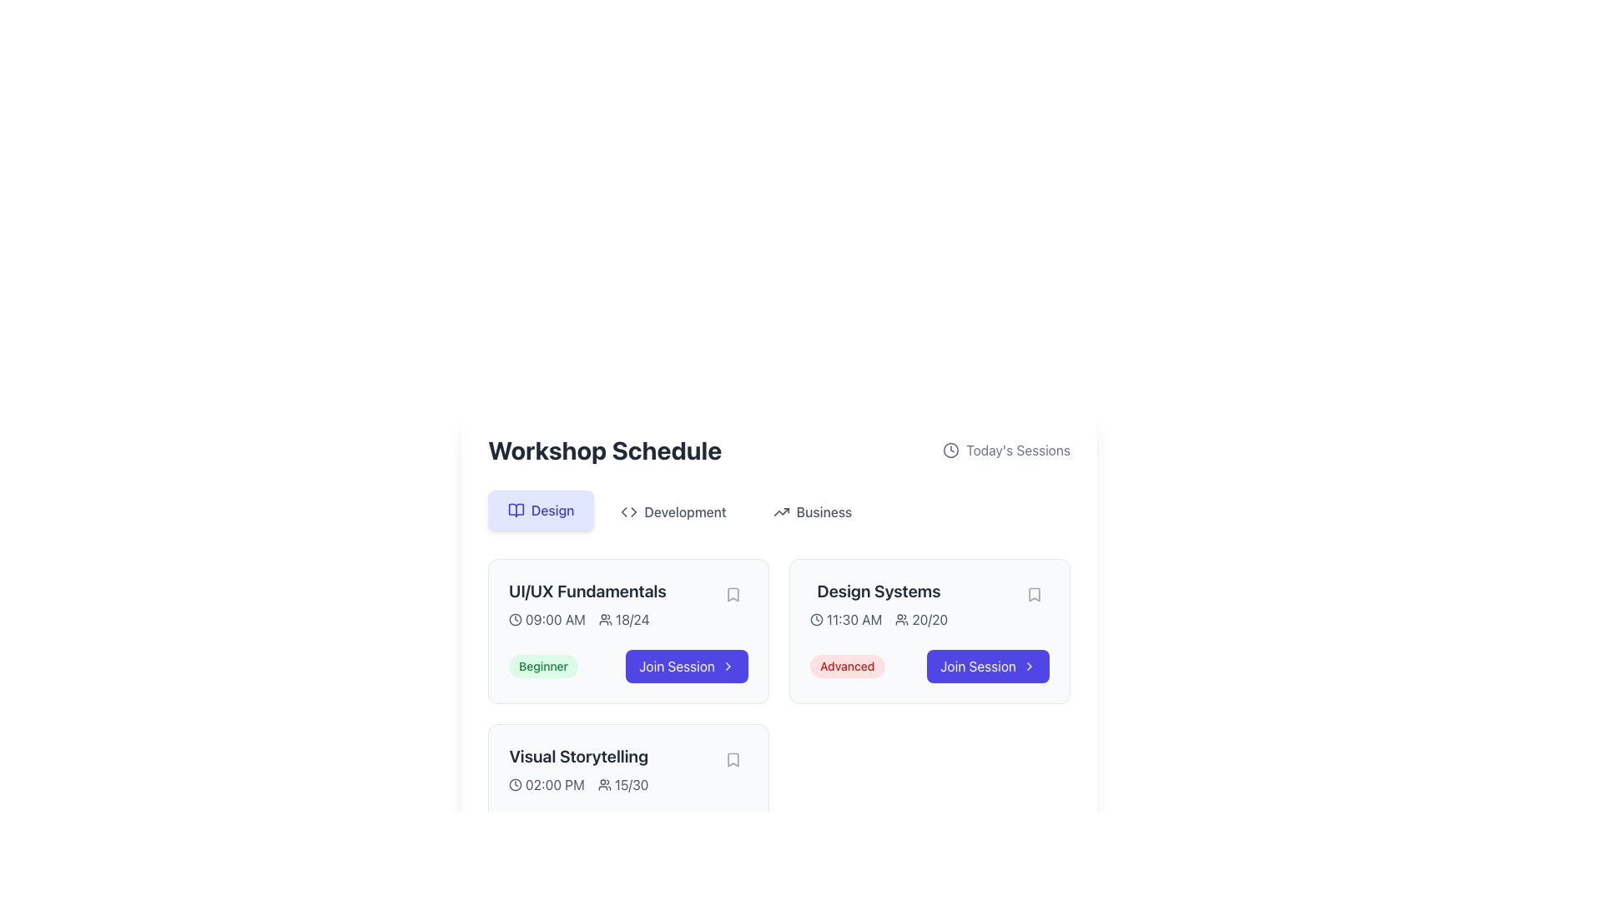 The width and height of the screenshot is (1602, 901). What do you see at coordinates (733, 759) in the screenshot?
I see `the small bookmark icon shaped like a ribbon located in the bottom-right corner of the 'Visual Storytelling' card under the 'Workshop Schedule' section` at bounding box center [733, 759].